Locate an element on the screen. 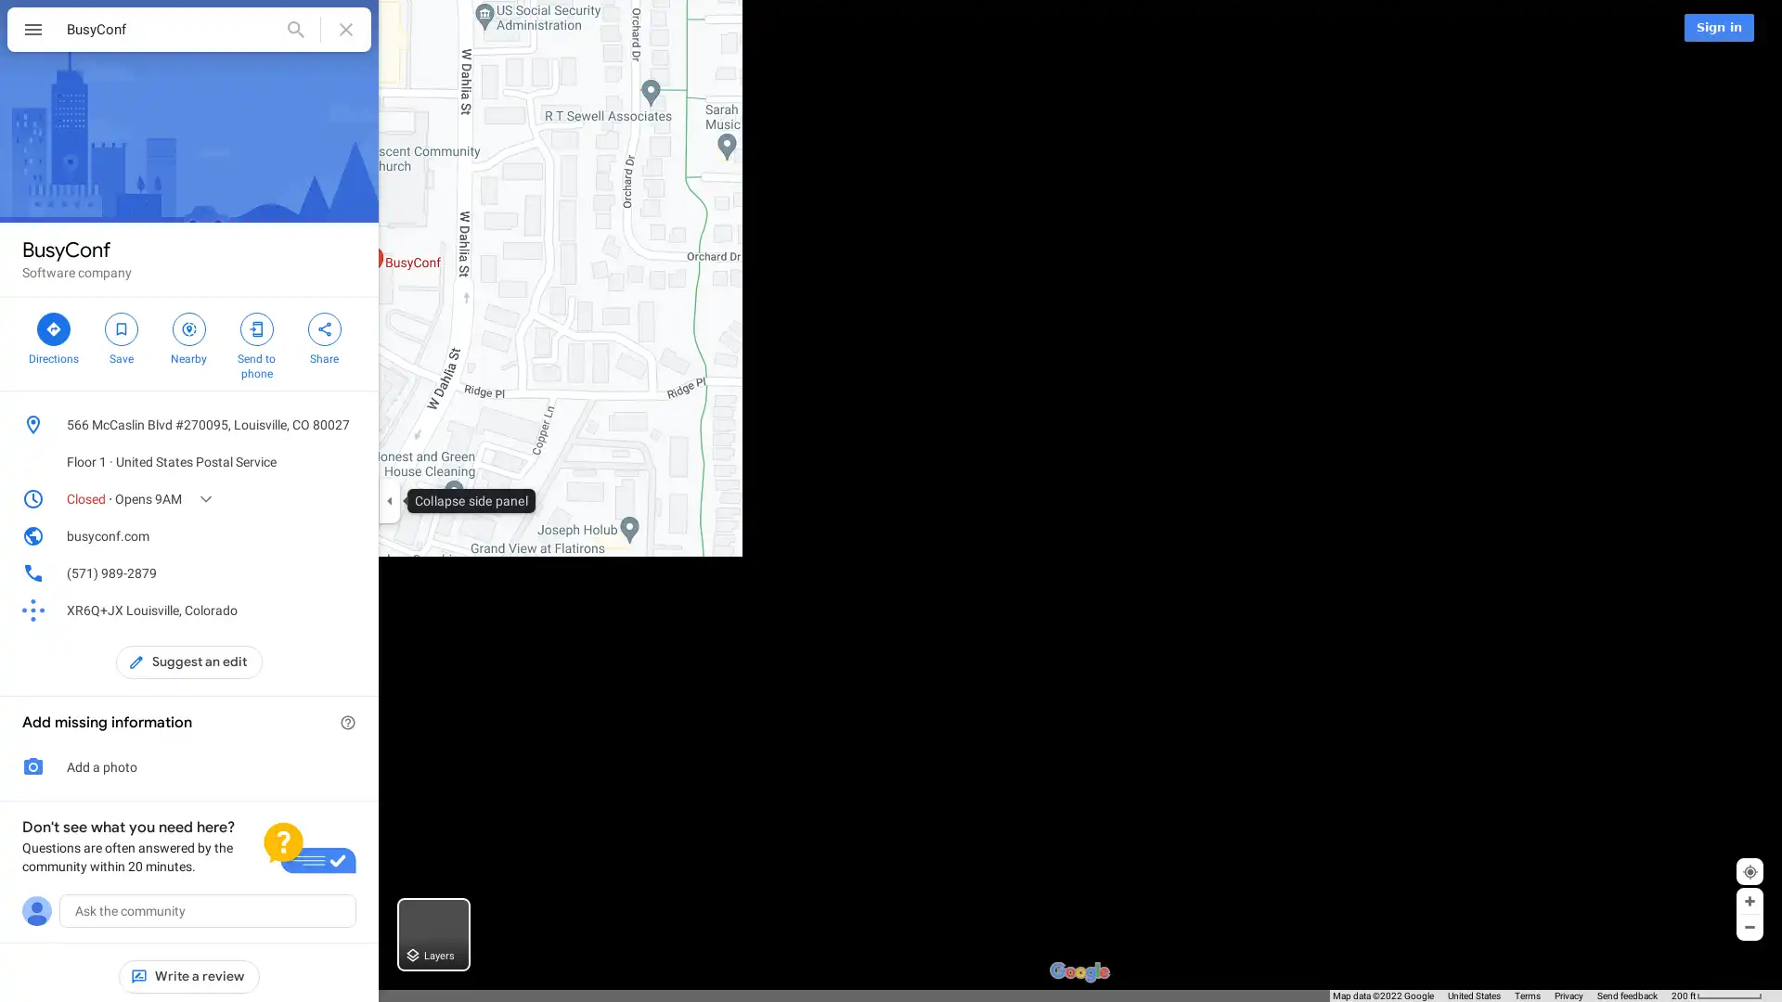 The height and width of the screenshot is (1002, 1782). Copy website is located at coordinates (347, 536).